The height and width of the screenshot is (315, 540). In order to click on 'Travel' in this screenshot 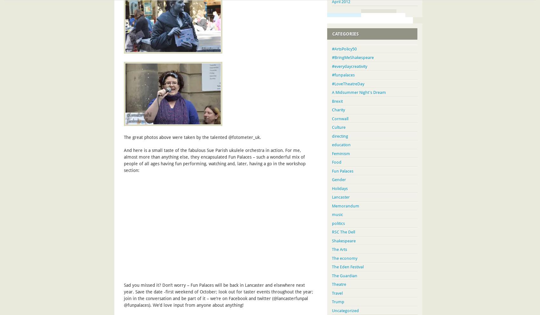, I will do `click(337, 292)`.